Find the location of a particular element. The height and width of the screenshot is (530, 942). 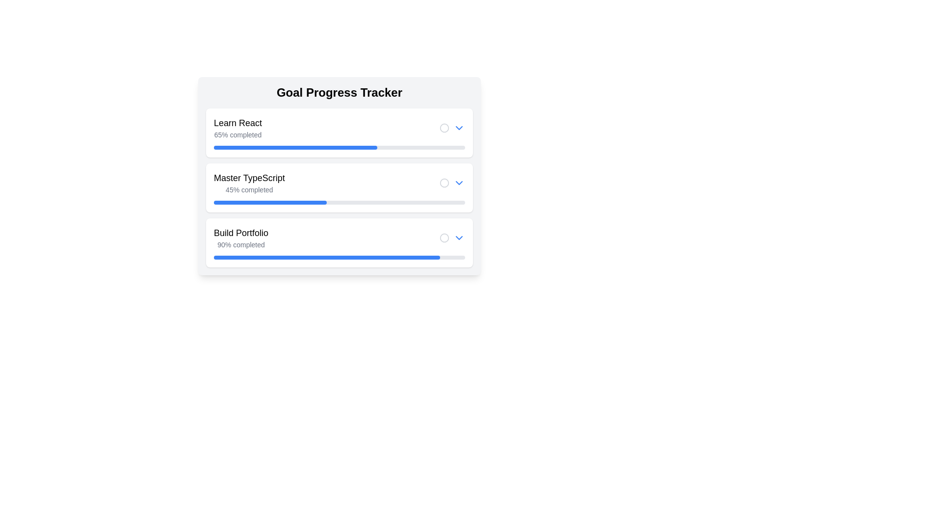

hollow circular icon with a gray stroke located to the left in the 'Build Portfolio' task tracker interface is located at coordinates (444, 238).